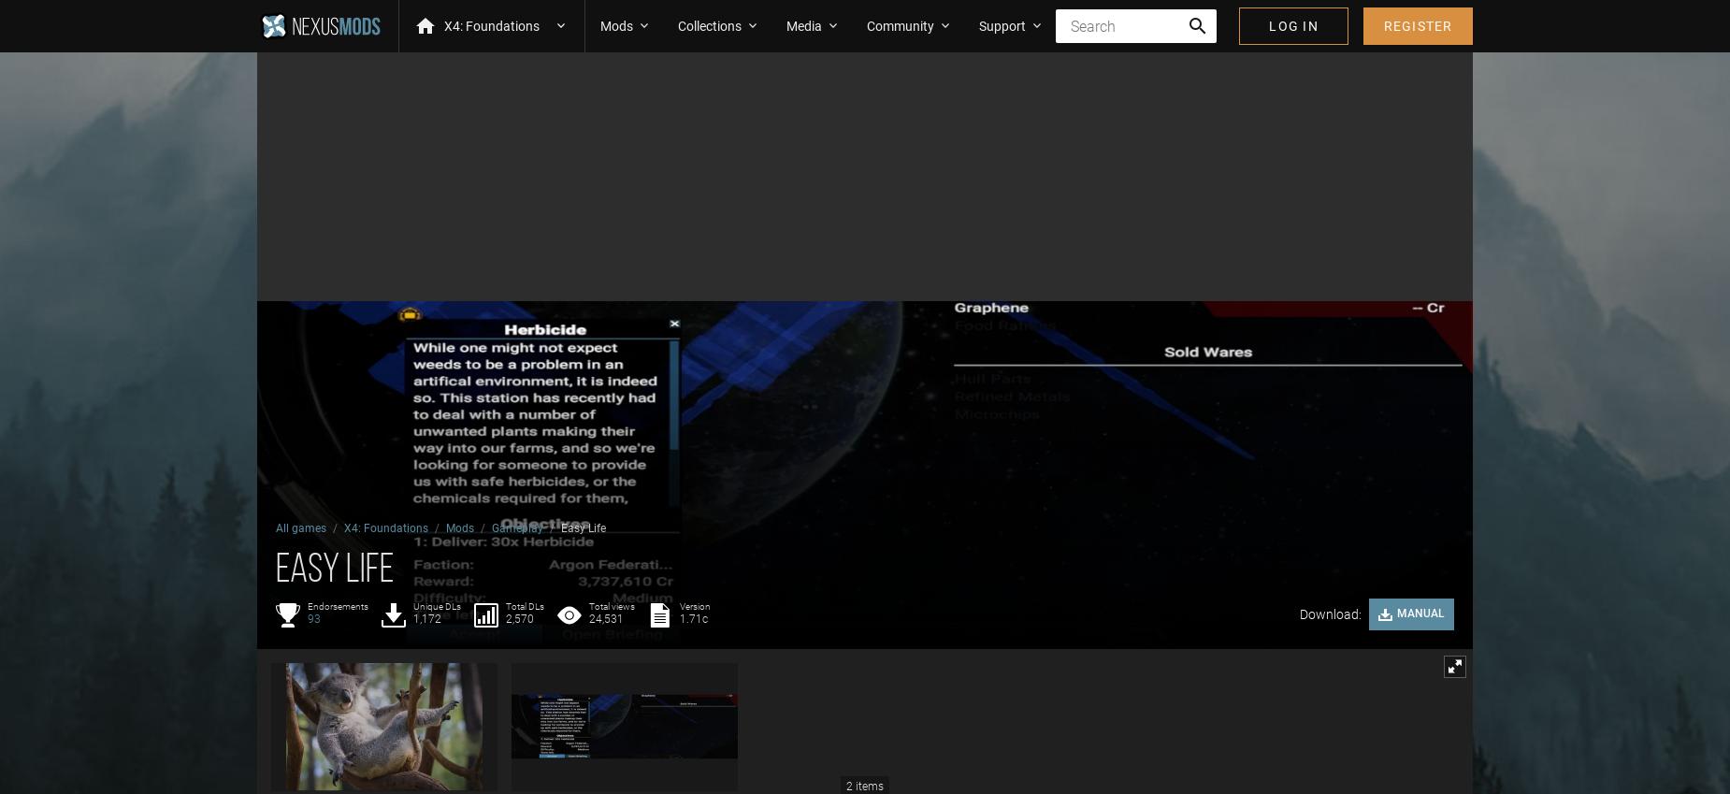 The image size is (1730, 794). Describe the element at coordinates (517, 528) in the screenshot. I see `'Gameplay'` at that location.